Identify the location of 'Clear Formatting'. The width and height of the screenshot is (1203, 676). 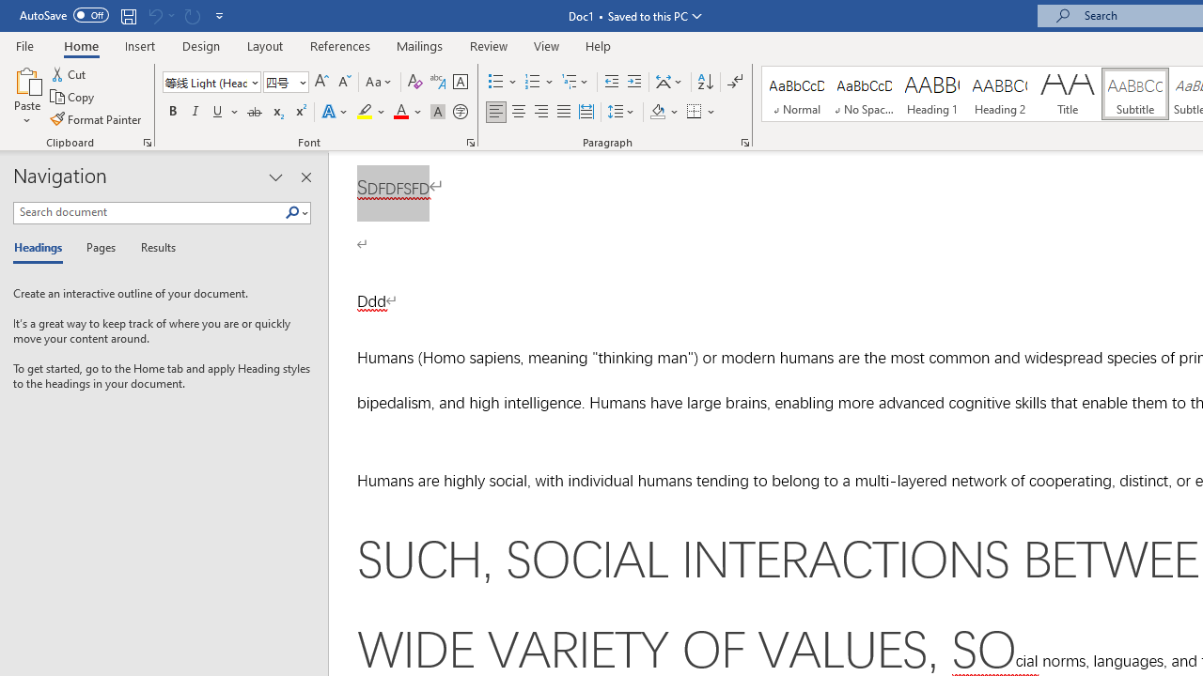
(414, 81).